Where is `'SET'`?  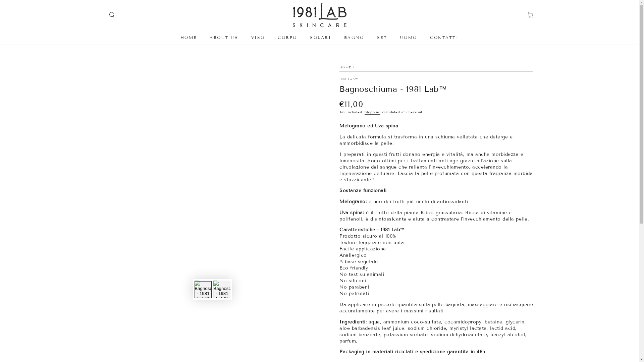
'SET' is located at coordinates (382, 37).